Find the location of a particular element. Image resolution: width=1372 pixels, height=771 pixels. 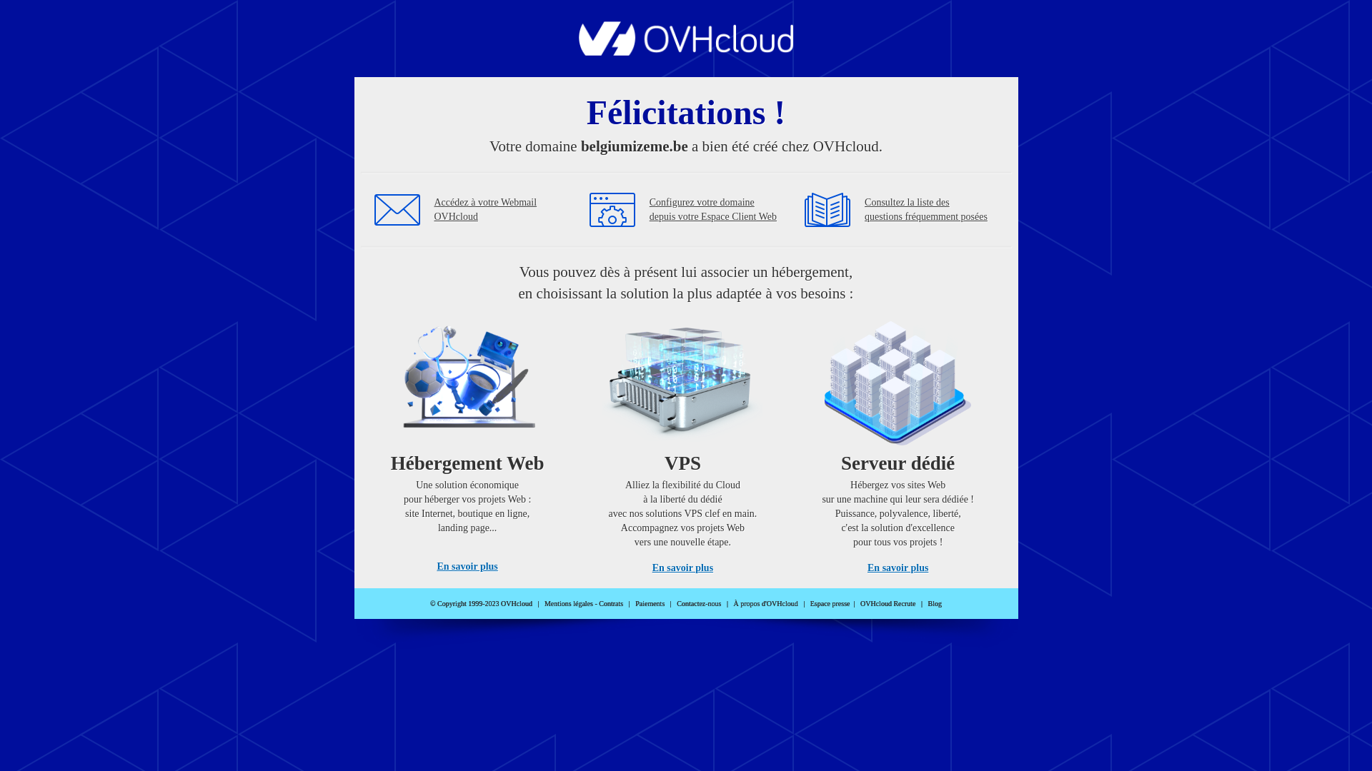

'OVHcloud' is located at coordinates (686, 51).